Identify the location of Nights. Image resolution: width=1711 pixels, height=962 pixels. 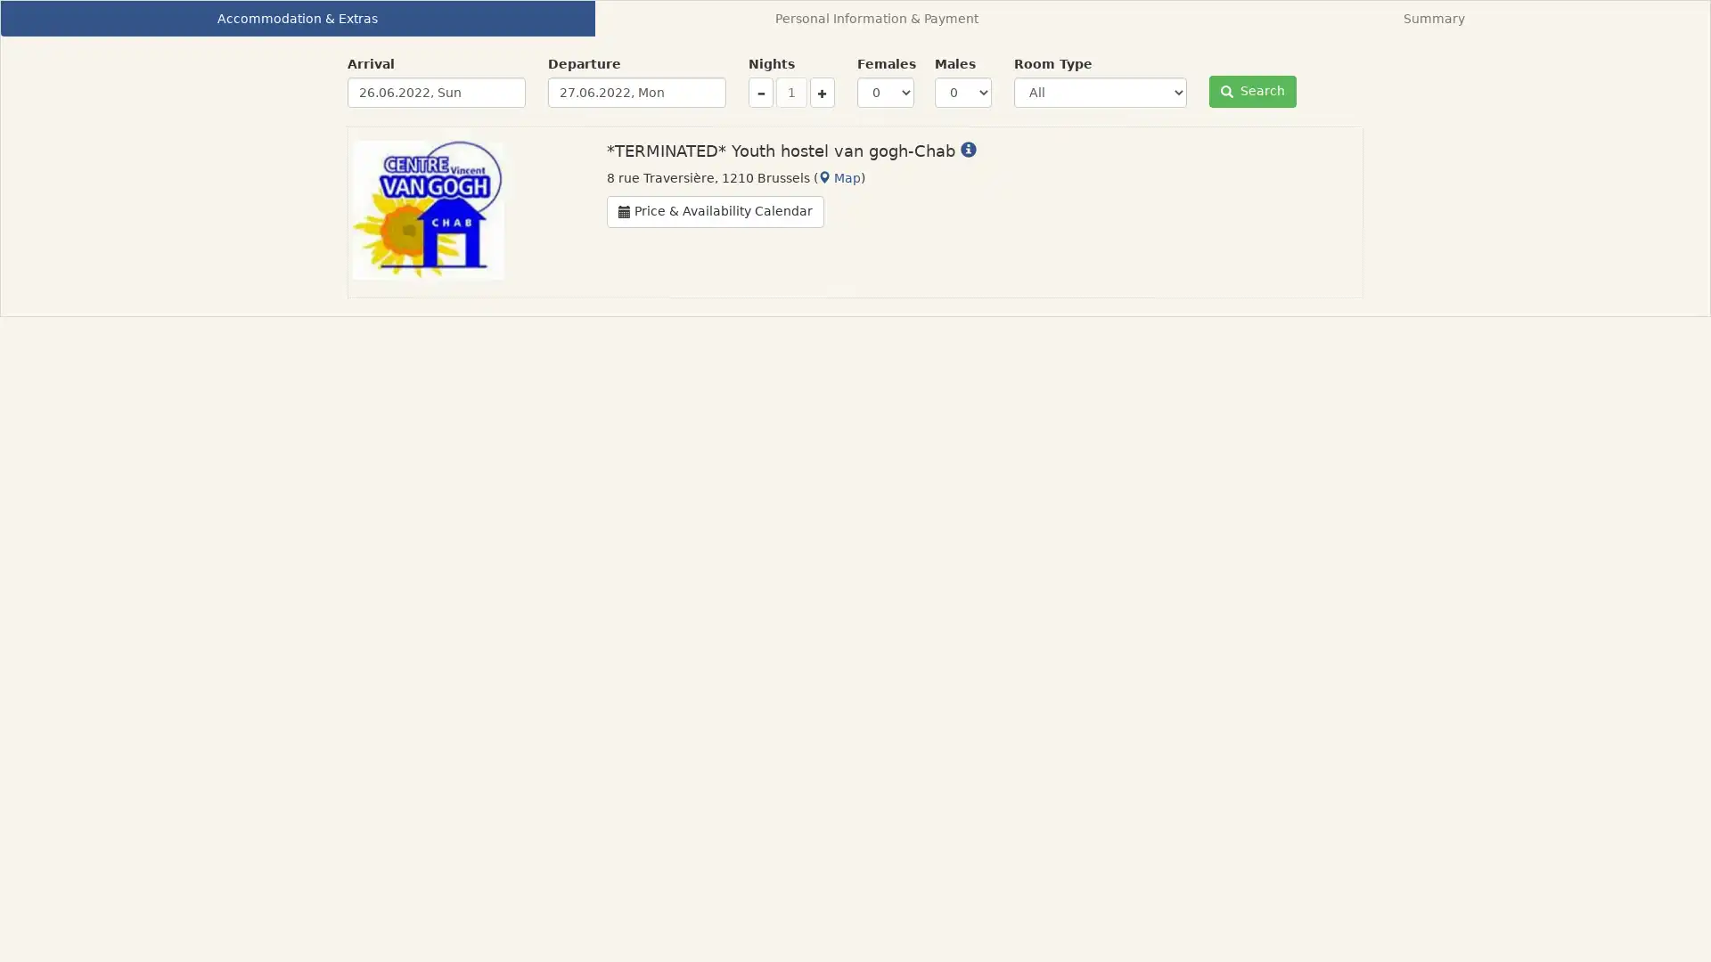
(821, 93).